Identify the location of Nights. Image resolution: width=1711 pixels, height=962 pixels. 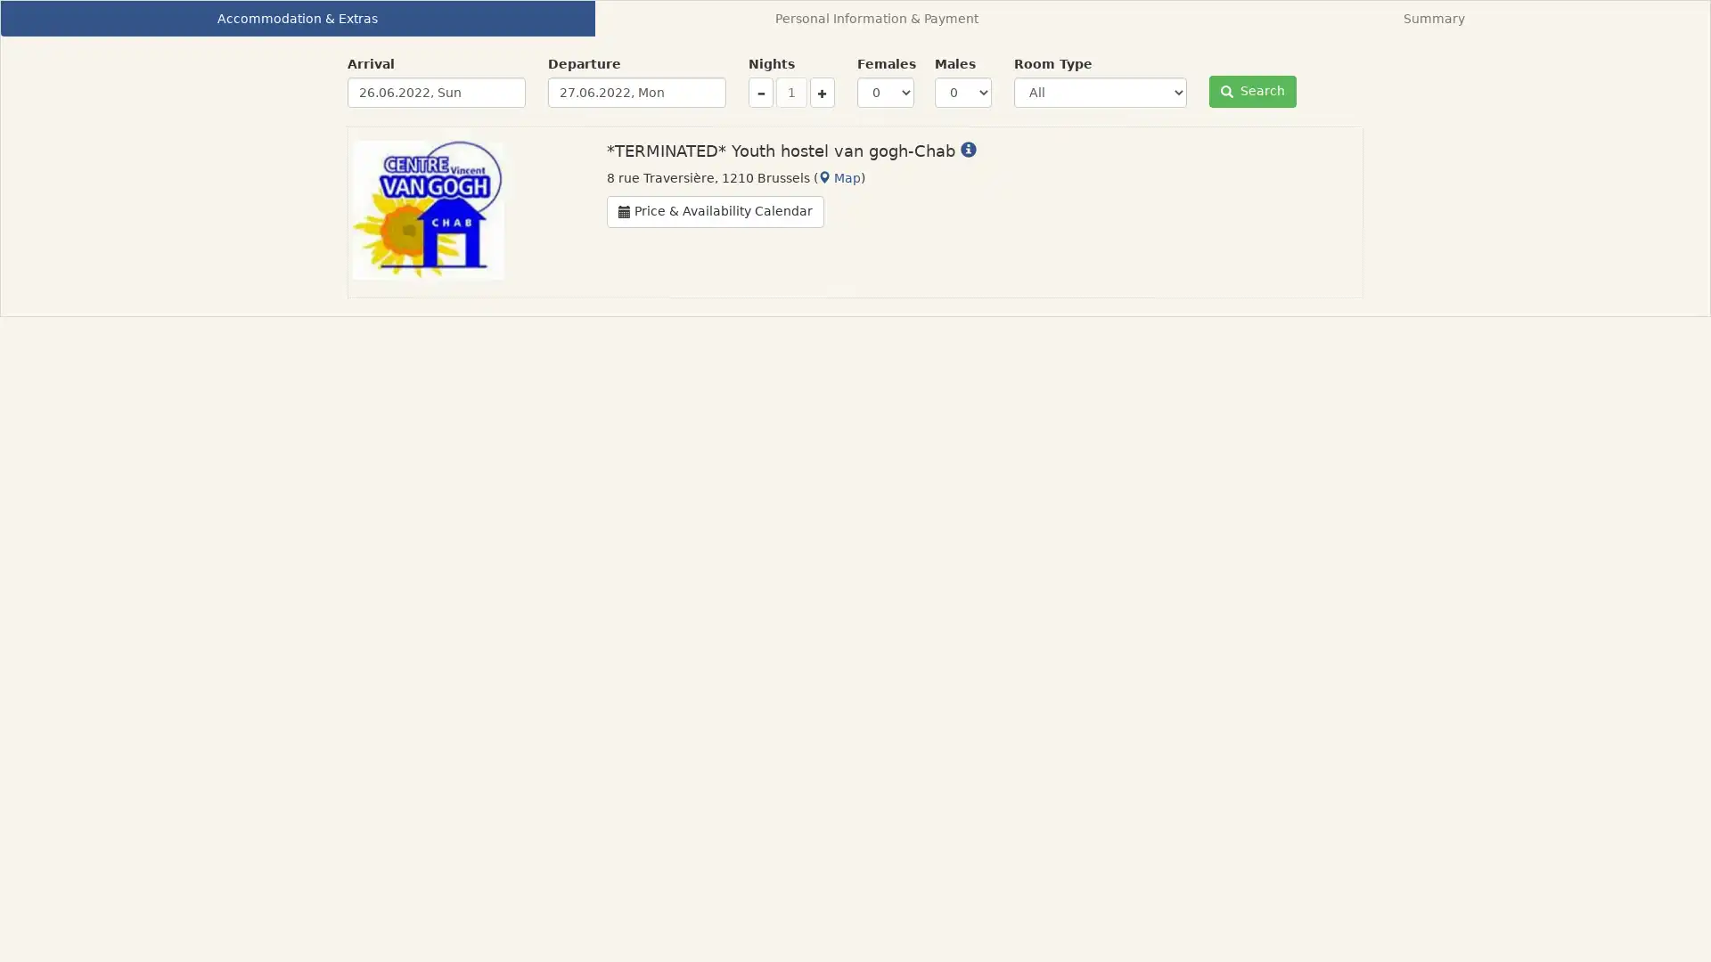
(821, 93).